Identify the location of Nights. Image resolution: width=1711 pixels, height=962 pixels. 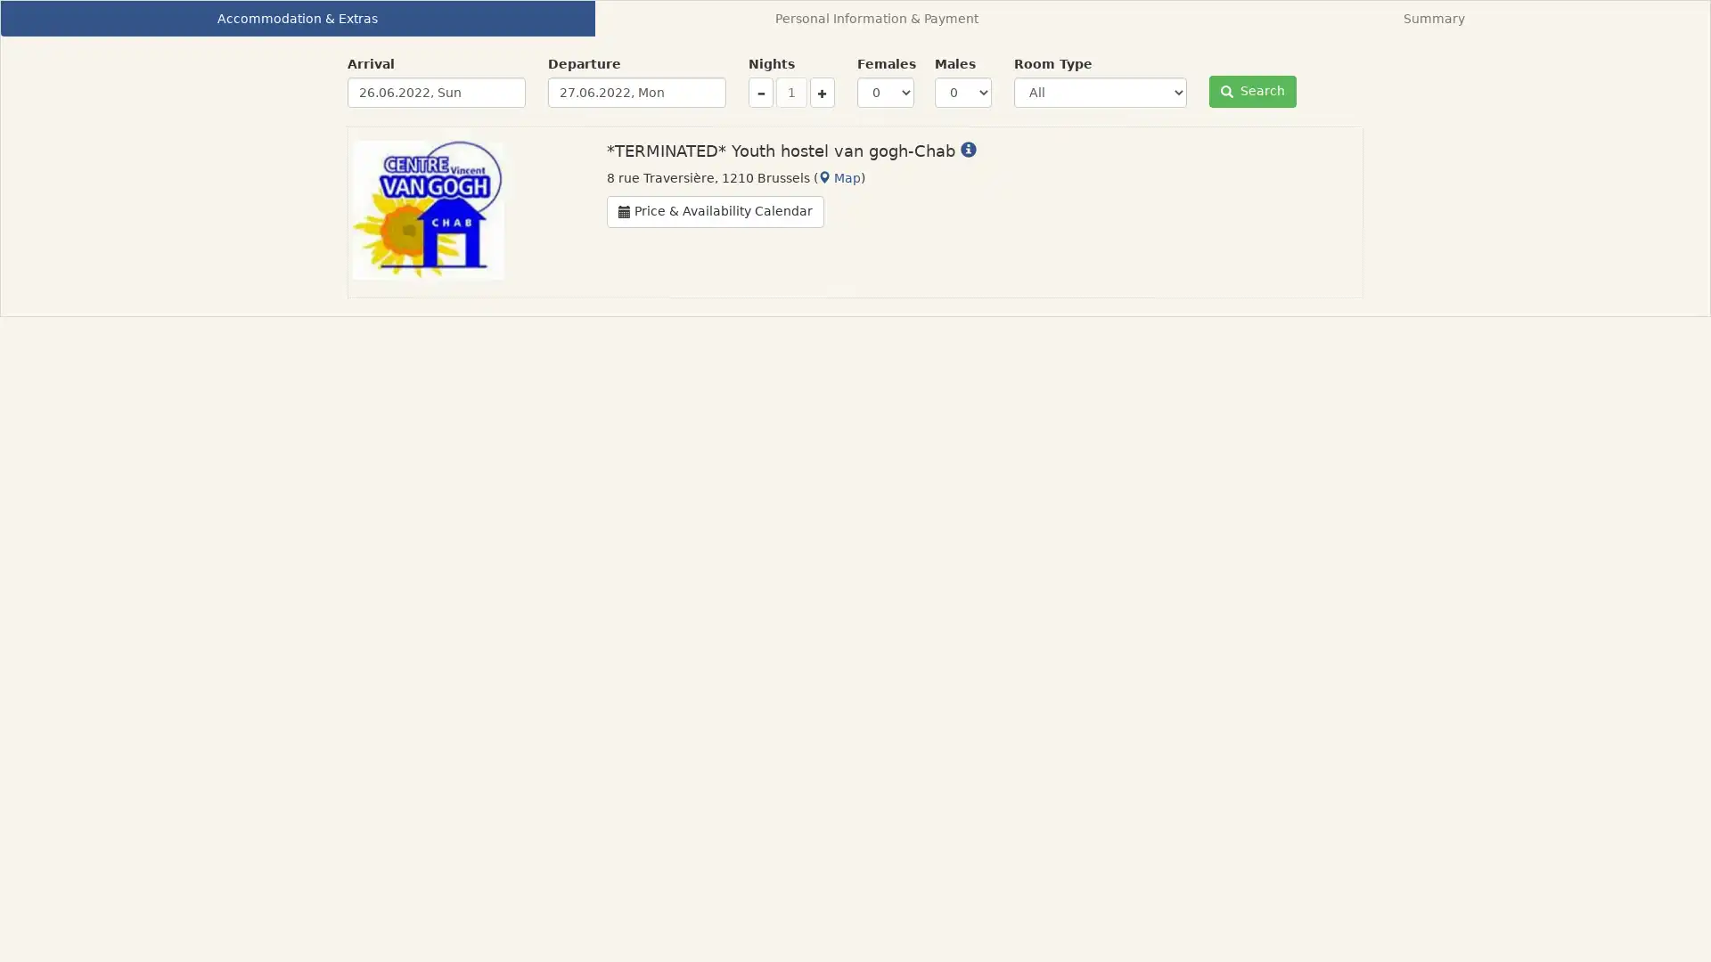
(821, 93).